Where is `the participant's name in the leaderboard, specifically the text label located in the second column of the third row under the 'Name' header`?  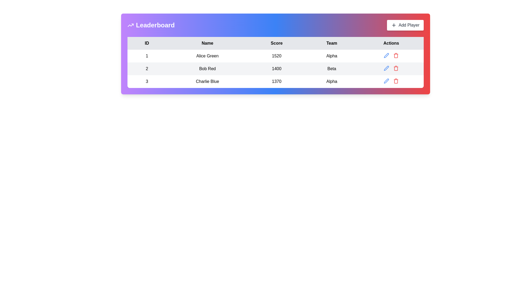 the participant's name in the leaderboard, specifically the text label located in the second column of the third row under the 'Name' header is located at coordinates (207, 82).